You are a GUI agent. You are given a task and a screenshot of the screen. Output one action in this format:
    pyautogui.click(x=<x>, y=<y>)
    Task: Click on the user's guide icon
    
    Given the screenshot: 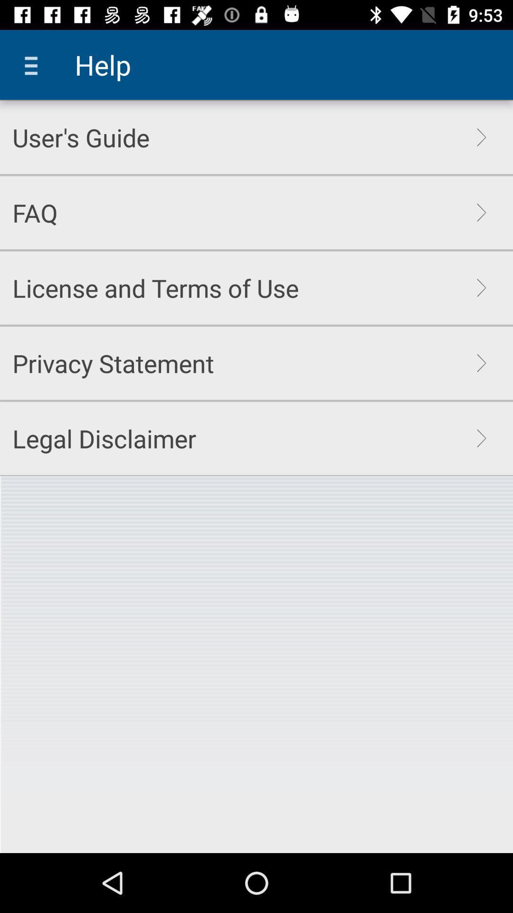 What is the action you would take?
    pyautogui.click(x=80, y=137)
    